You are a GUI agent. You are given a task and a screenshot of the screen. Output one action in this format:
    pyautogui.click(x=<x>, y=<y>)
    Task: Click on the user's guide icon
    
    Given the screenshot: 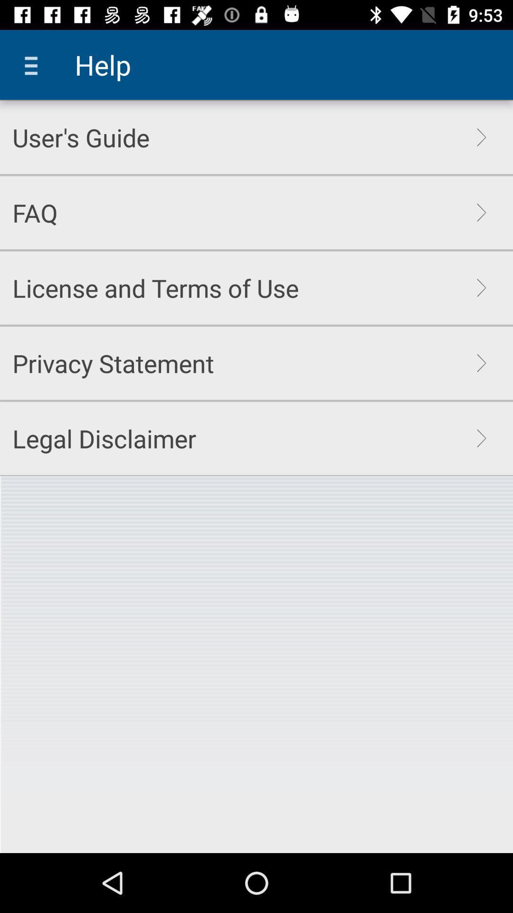 What is the action you would take?
    pyautogui.click(x=80, y=137)
    